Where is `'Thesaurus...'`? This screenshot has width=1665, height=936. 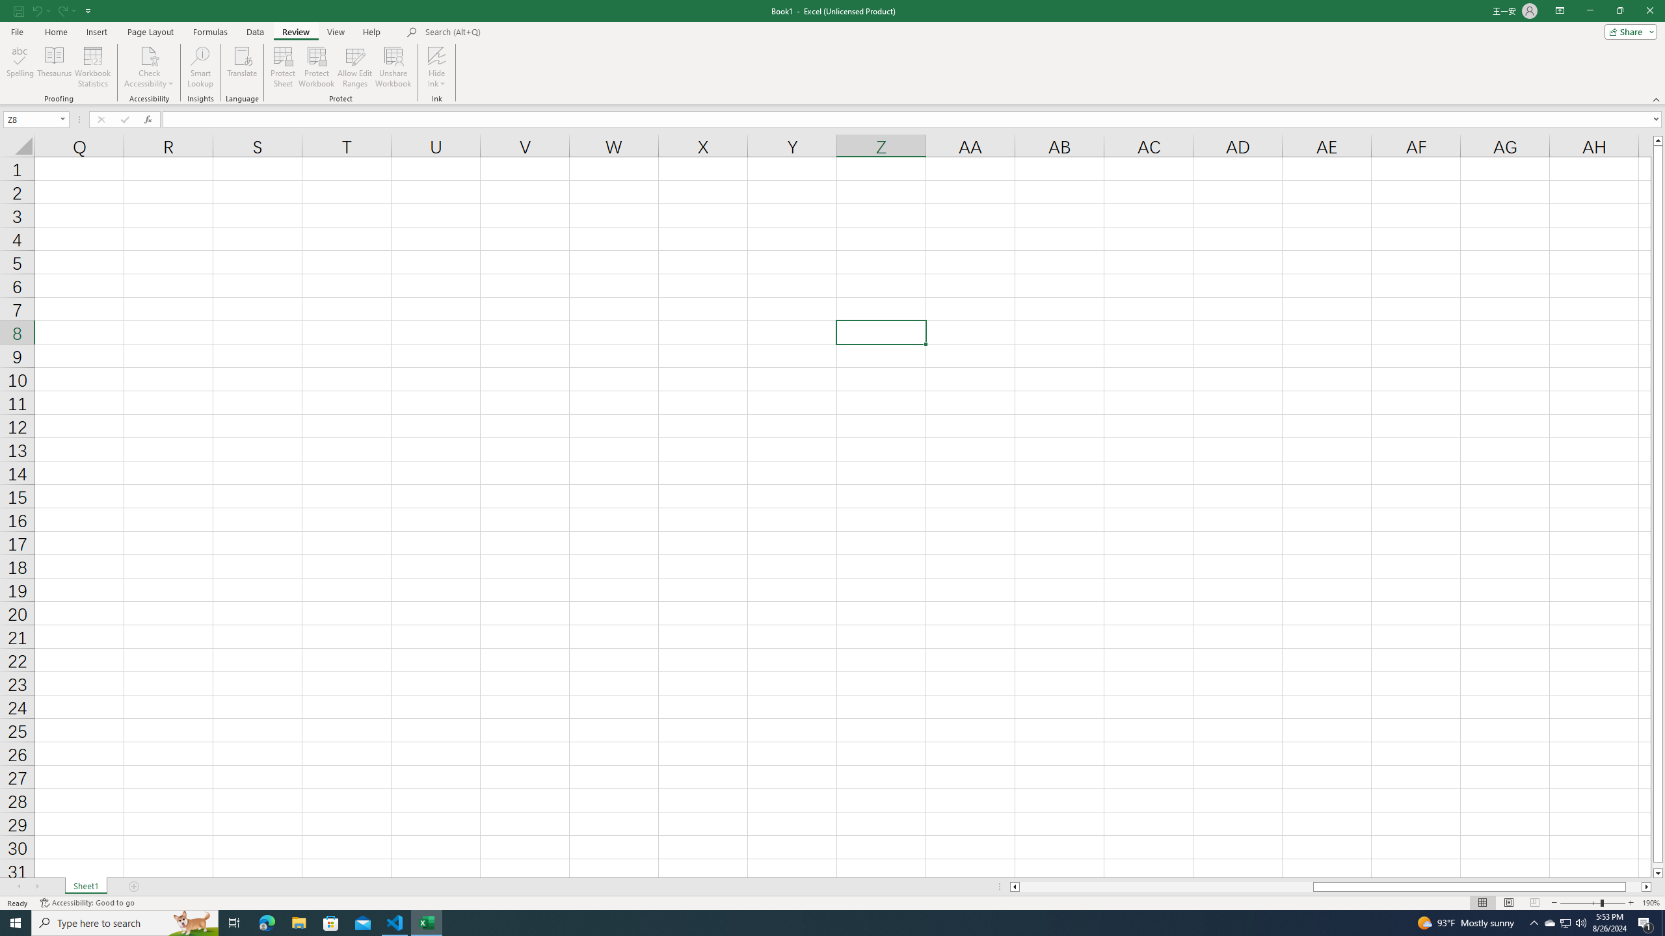
'Thesaurus...' is located at coordinates (53, 67).